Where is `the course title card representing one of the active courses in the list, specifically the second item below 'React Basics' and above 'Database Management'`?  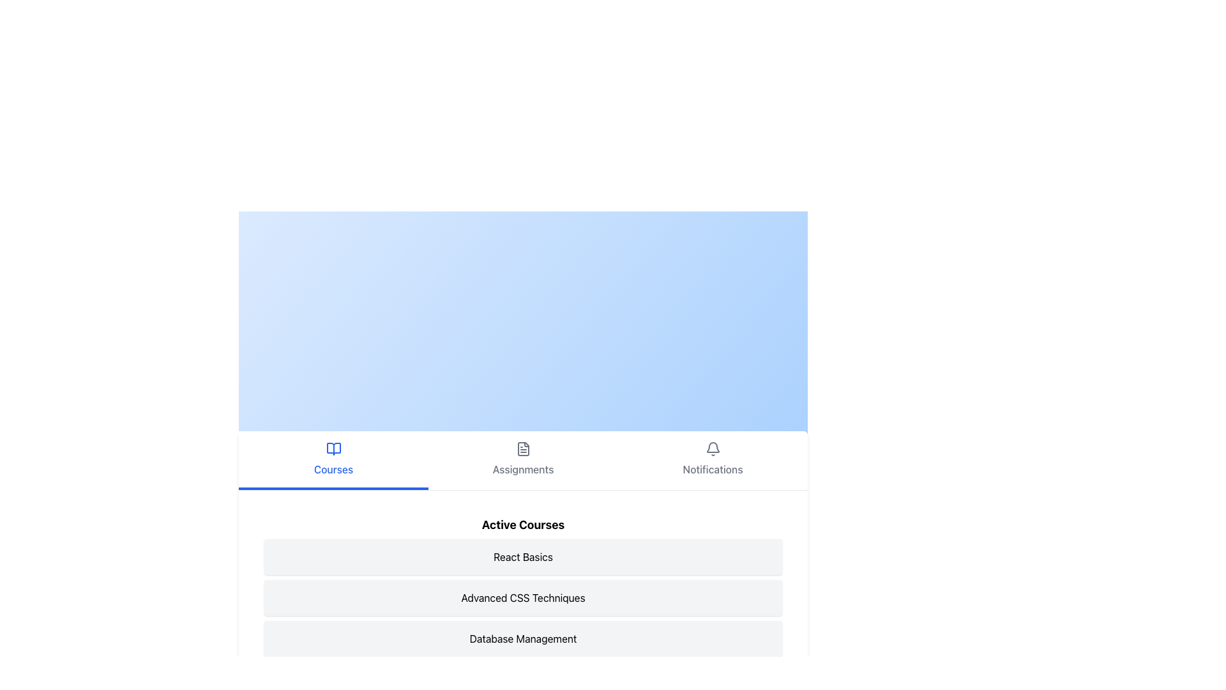
the course title card representing one of the active courses in the list, specifically the second item below 'React Basics' and above 'Database Management' is located at coordinates (523, 586).